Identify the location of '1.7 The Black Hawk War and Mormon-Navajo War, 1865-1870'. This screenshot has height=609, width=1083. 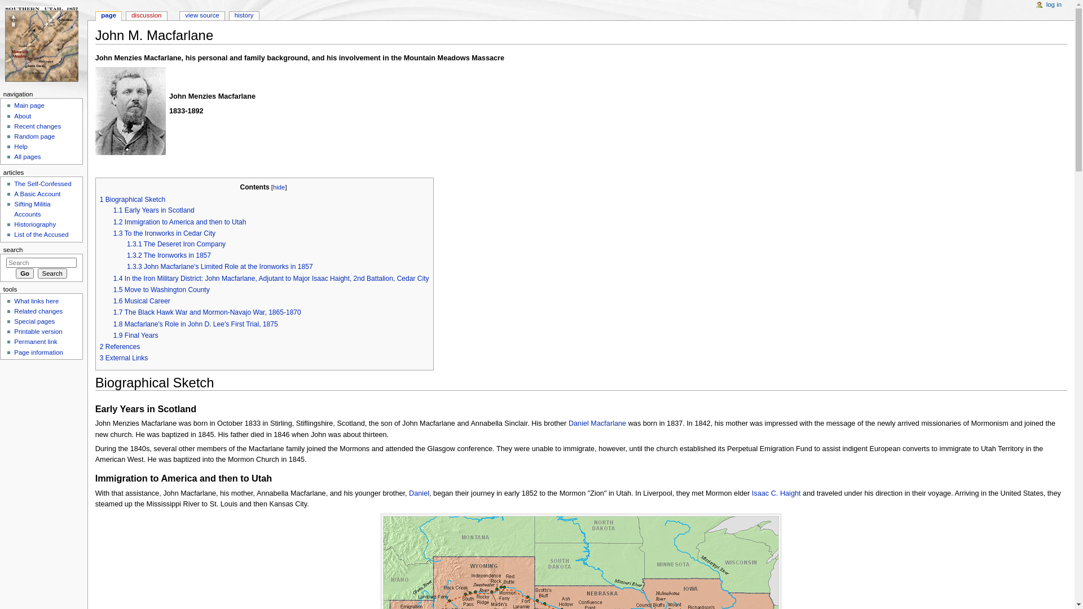
(207, 312).